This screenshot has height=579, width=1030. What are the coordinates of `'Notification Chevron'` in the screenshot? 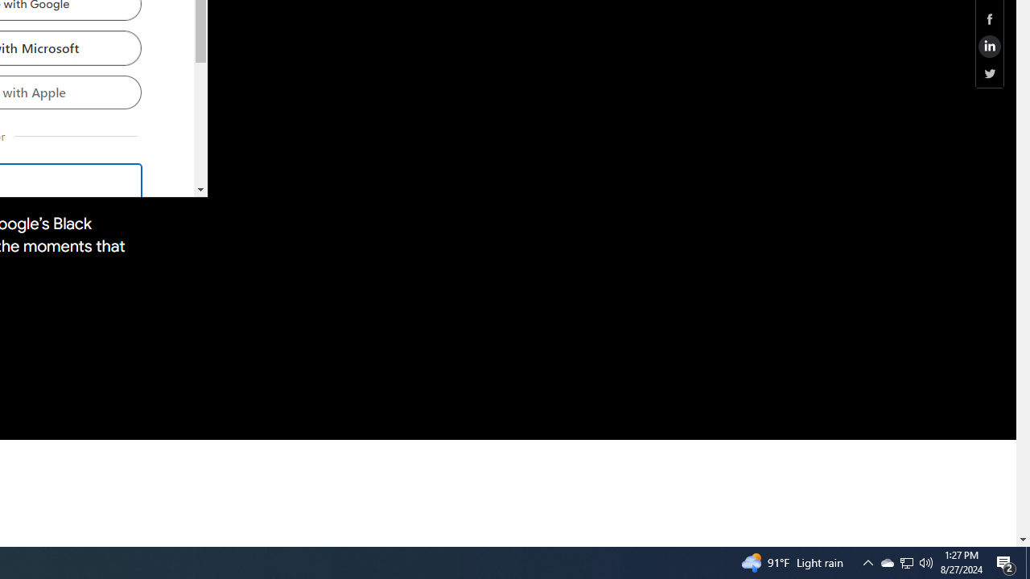 It's located at (867, 561).